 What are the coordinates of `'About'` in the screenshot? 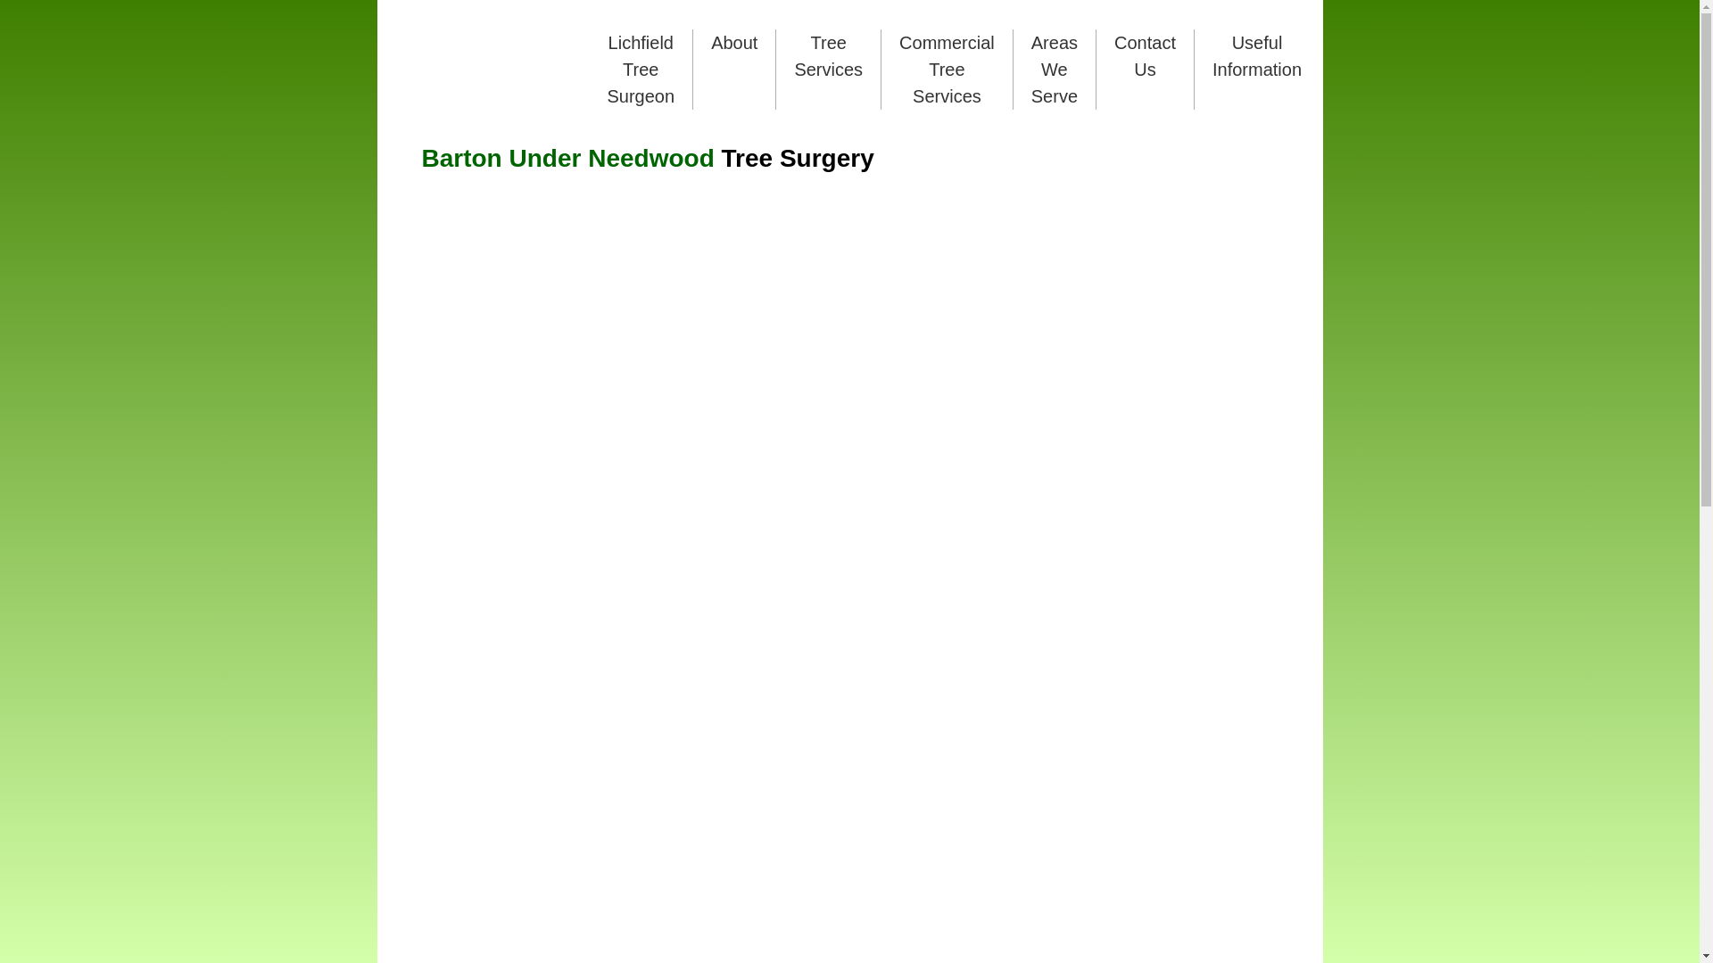 It's located at (733, 41).